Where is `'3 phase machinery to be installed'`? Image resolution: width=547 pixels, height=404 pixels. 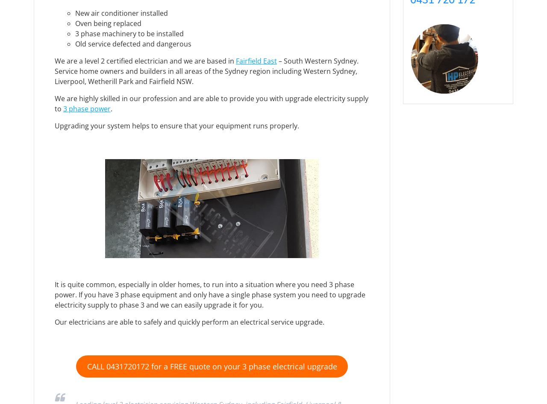 '3 phase machinery to be installed' is located at coordinates (129, 33).